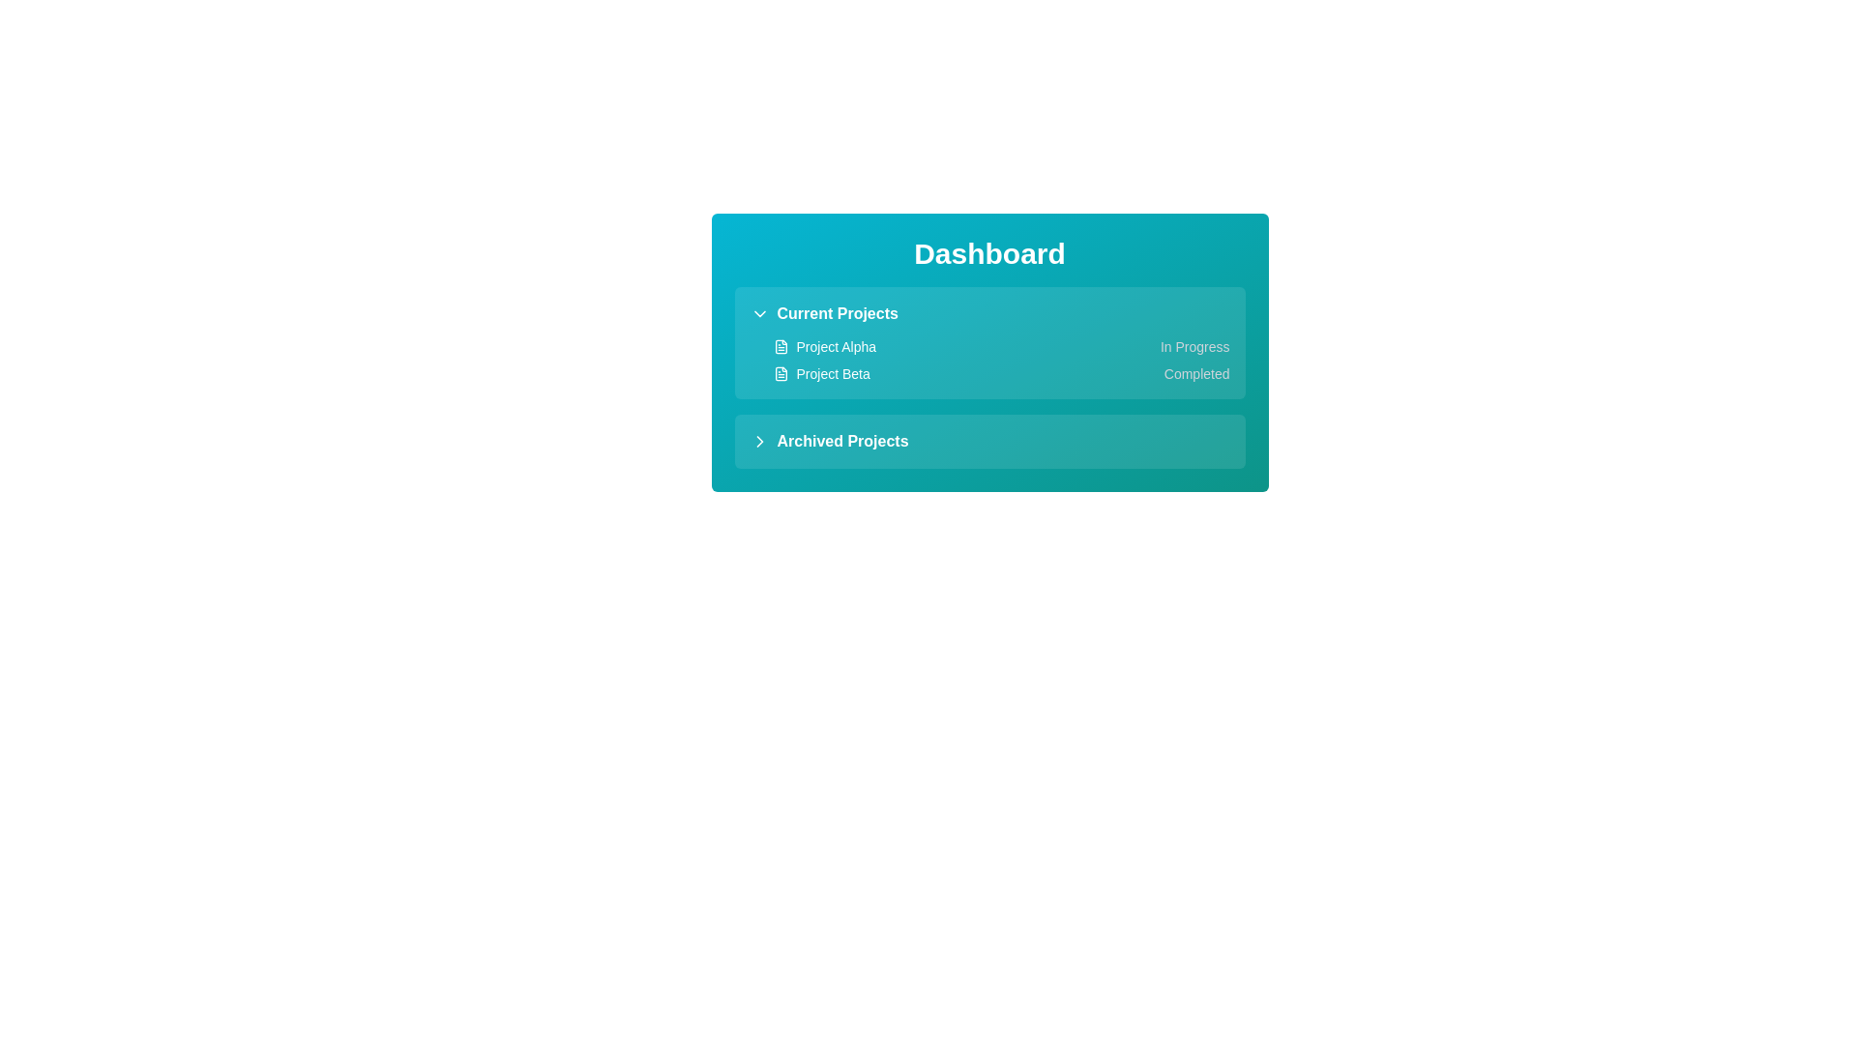 The width and height of the screenshot is (1857, 1044). Describe the element at coordinates (833, 373) in the screenshot. I see `the text label displaying 'Project Beta' in white font, located within the teal-colored panel, positioned below 'Project Alpha' and to the right of a file icon` at that location.